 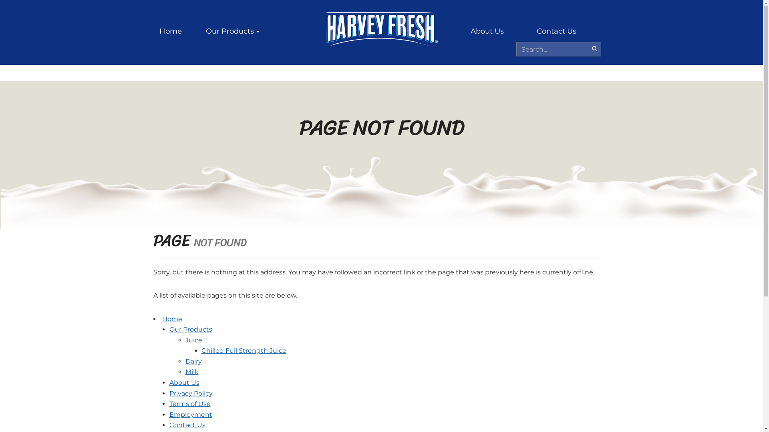 What do you see at coordinates (184, 361) in the screenshot?
I see `'Dairy'` at bounding box center [184, 361].